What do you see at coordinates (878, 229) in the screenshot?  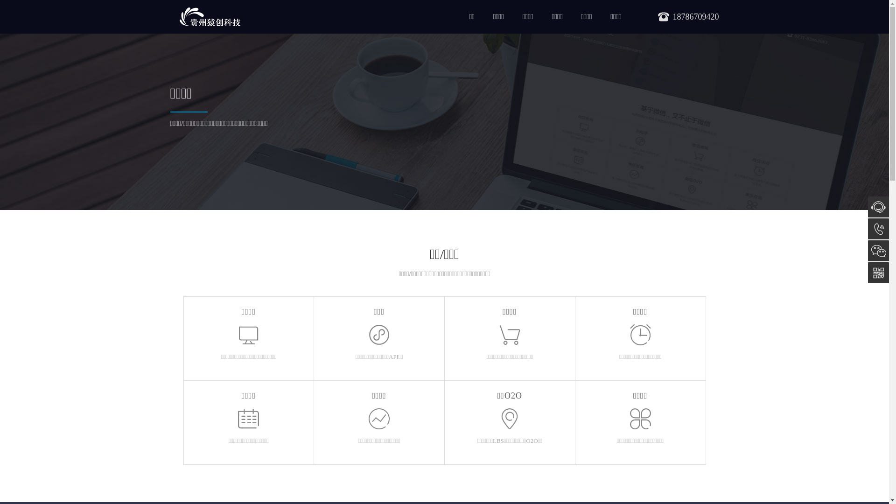 I see `'18786709420'` at bounding box center [878, 229].